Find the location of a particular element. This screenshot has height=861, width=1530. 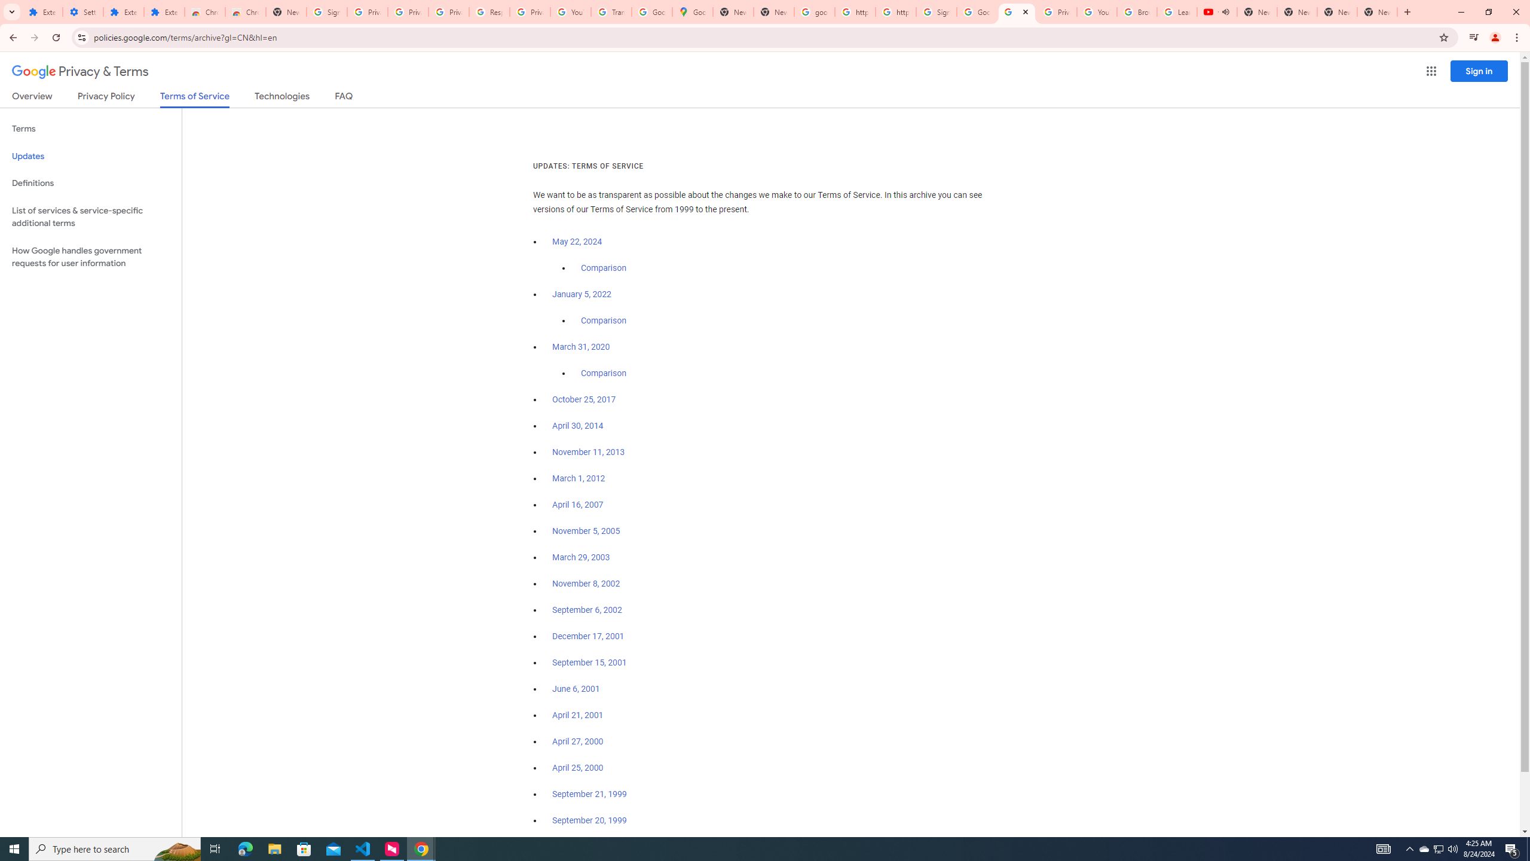

'September 21, 1999' is located at coordinates (589, 793).